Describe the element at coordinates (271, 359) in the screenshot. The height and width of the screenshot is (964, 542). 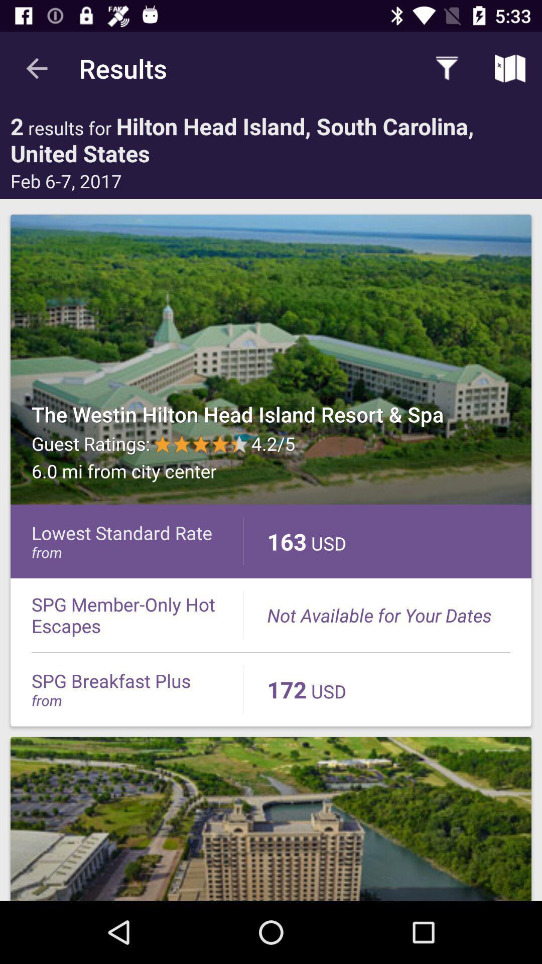
I see `one of the search results` at that location.